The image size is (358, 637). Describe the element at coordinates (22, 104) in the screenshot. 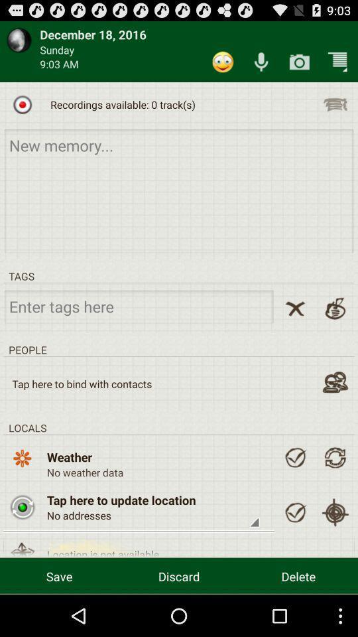

I see `for recording` at that location.